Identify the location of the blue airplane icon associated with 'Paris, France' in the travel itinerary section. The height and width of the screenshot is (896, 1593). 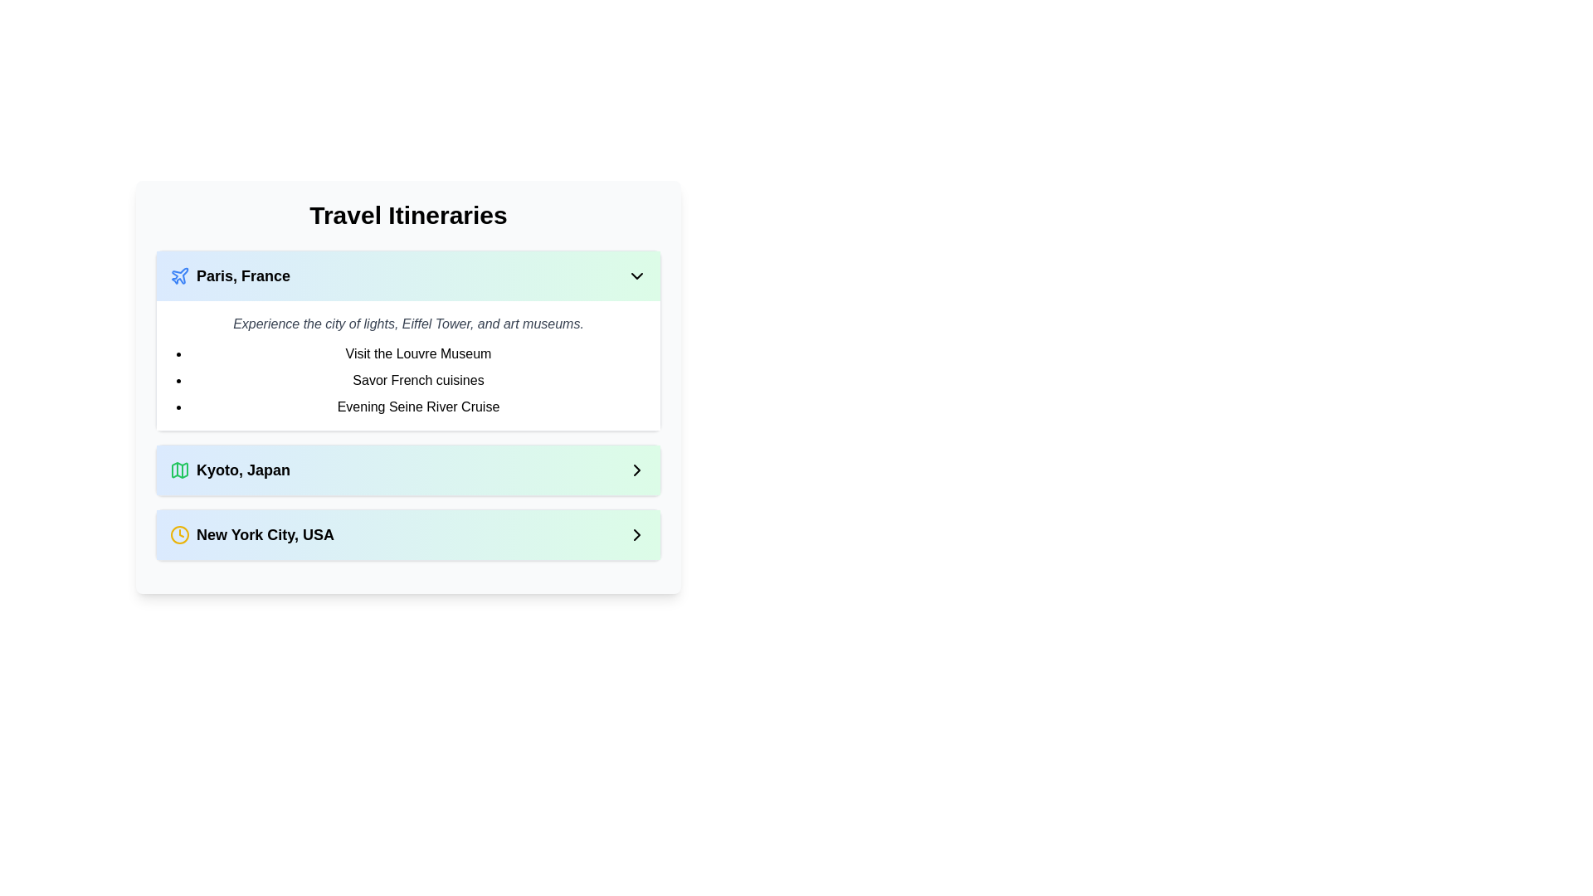
(180, 275).